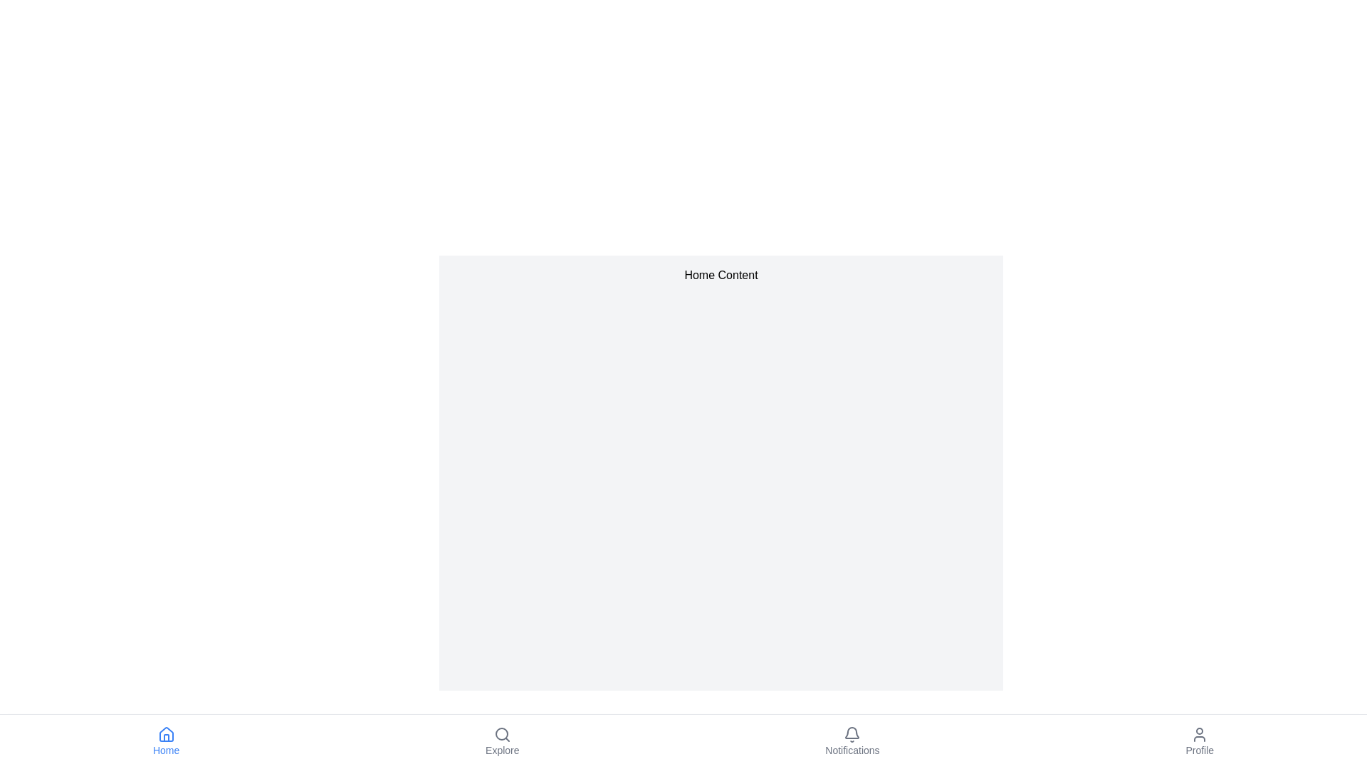  I want to click on the 'Explore' button, which is the second navigation option from the left in the bottom navigation bar, so click(502, 741).